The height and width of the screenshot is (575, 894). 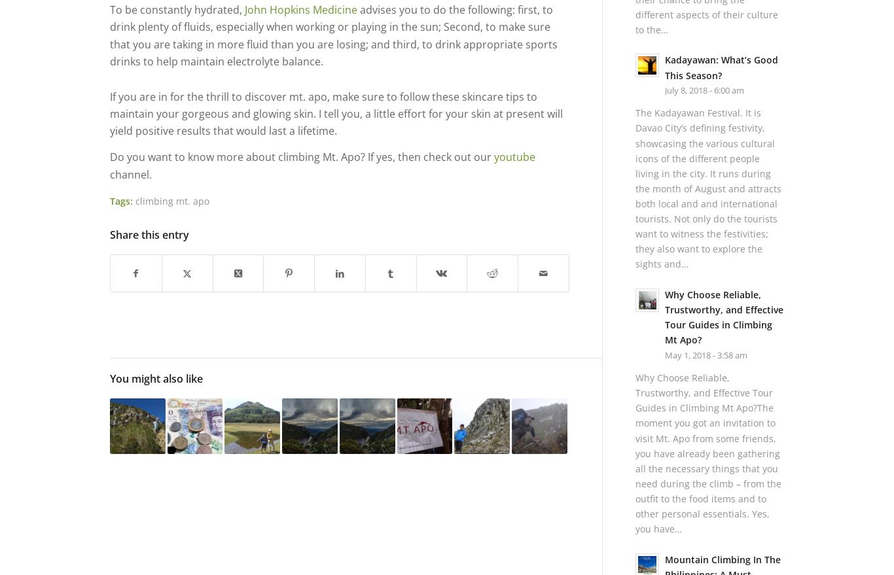 What do you see at coordinates (130, 173) in the screenshot?
I see `'channel.'` at bounding box center [130, 173].